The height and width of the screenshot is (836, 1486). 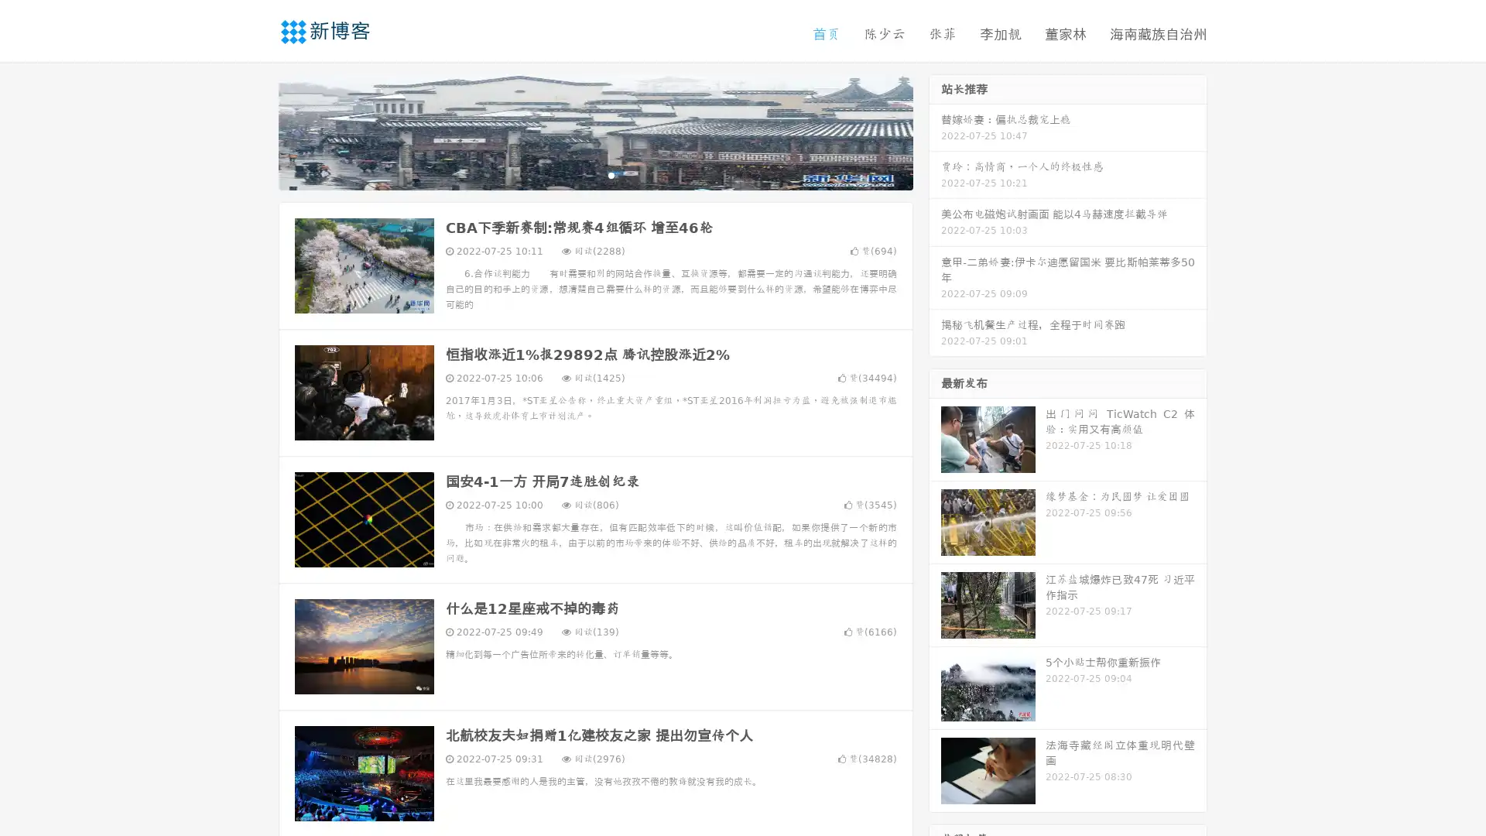 I want to click on Previous slide, so click(x=255, y=130).